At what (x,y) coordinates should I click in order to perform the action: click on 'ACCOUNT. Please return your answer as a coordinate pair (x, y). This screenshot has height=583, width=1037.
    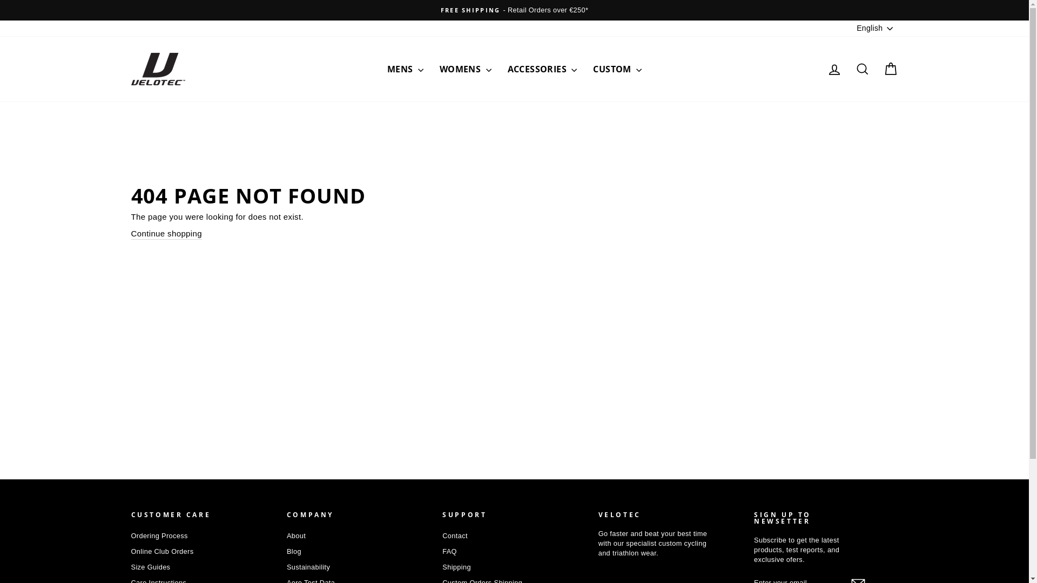
    Looking at the image, I should click on (833, 69).